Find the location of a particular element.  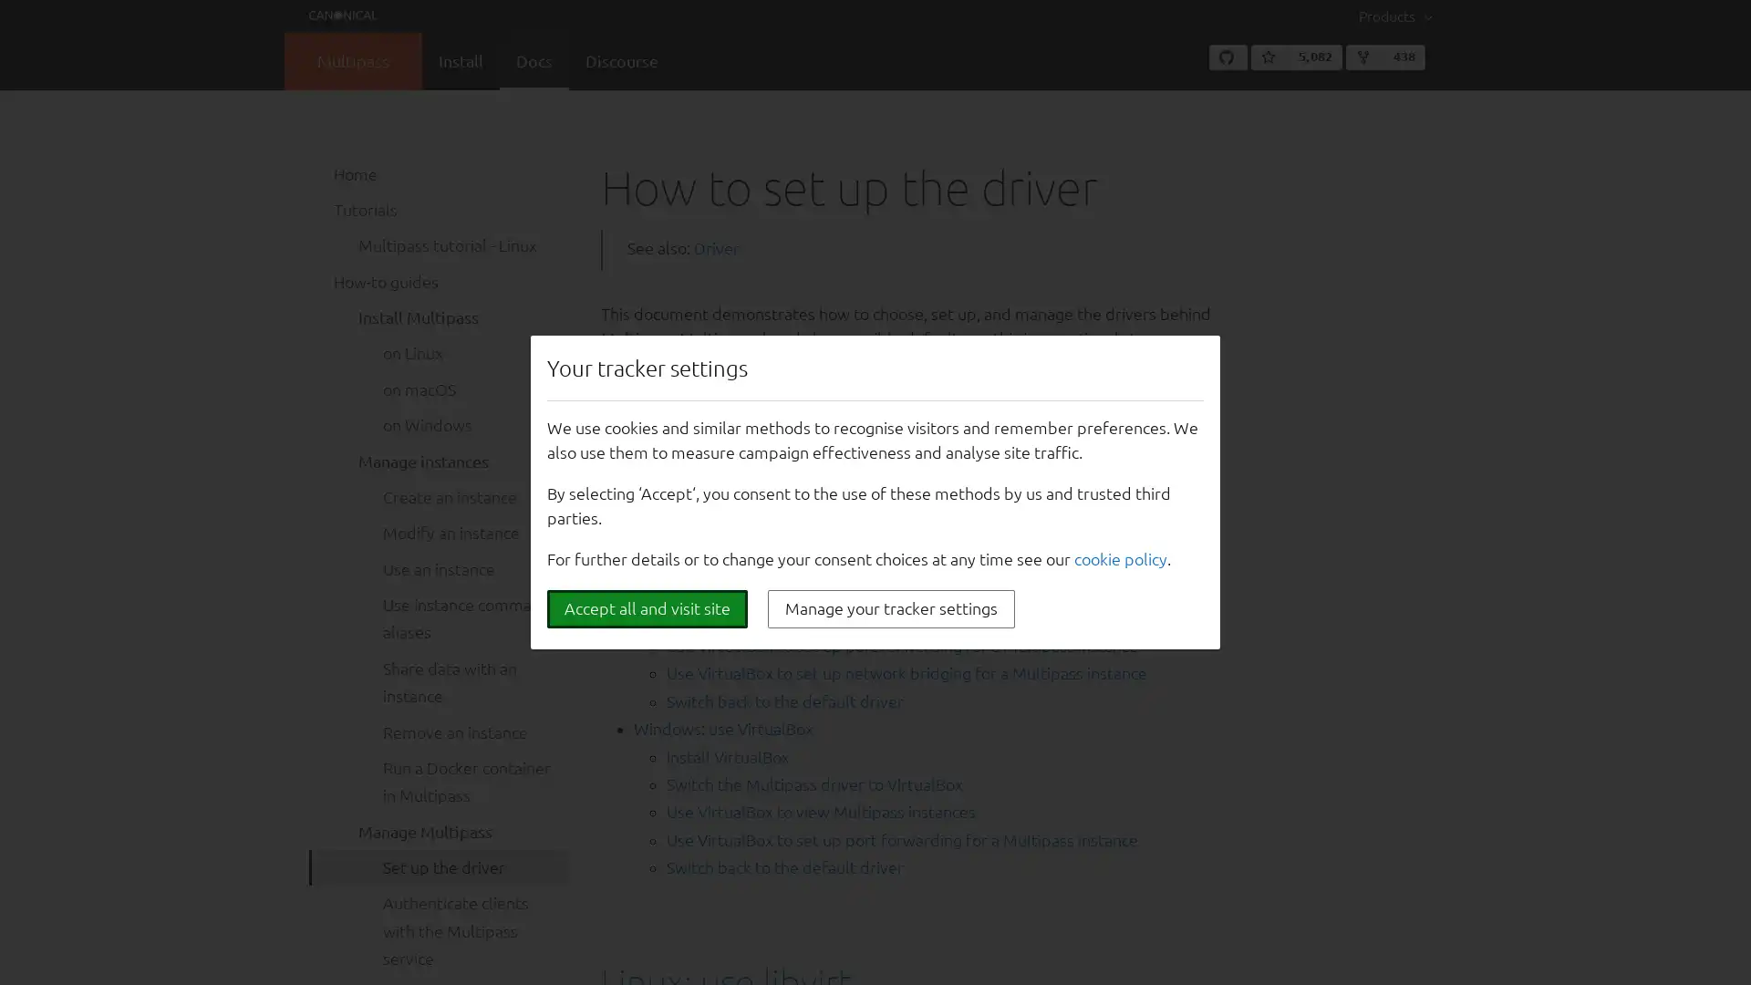

Manage your tracker settings is located at coordinates (891, 608).